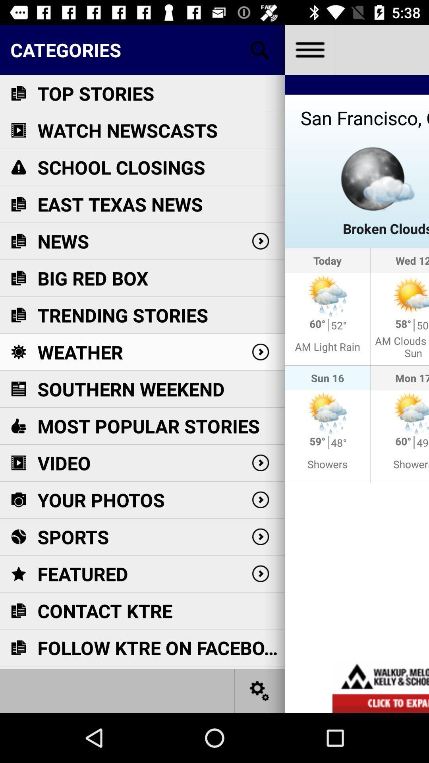 The height and width of the screenshot is (763, 429). Describe the element at coordinates (380, 686) in the screenshot. I see `click bottom advertisement` at that location.